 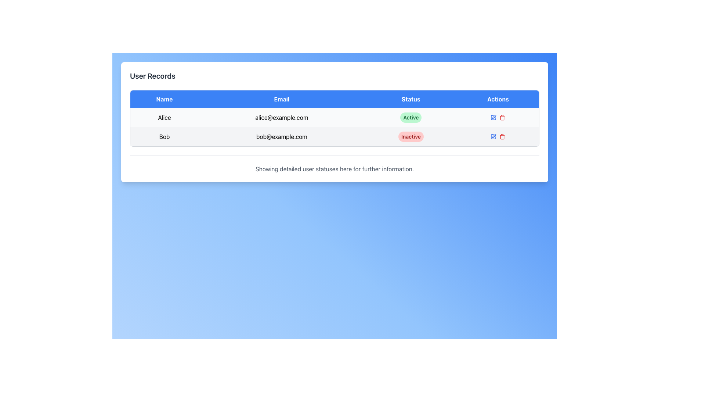 What do you see at coordinates (502, 136) in the screenshot?
I see `the red trash icon button` at bounding box center [502, 136].